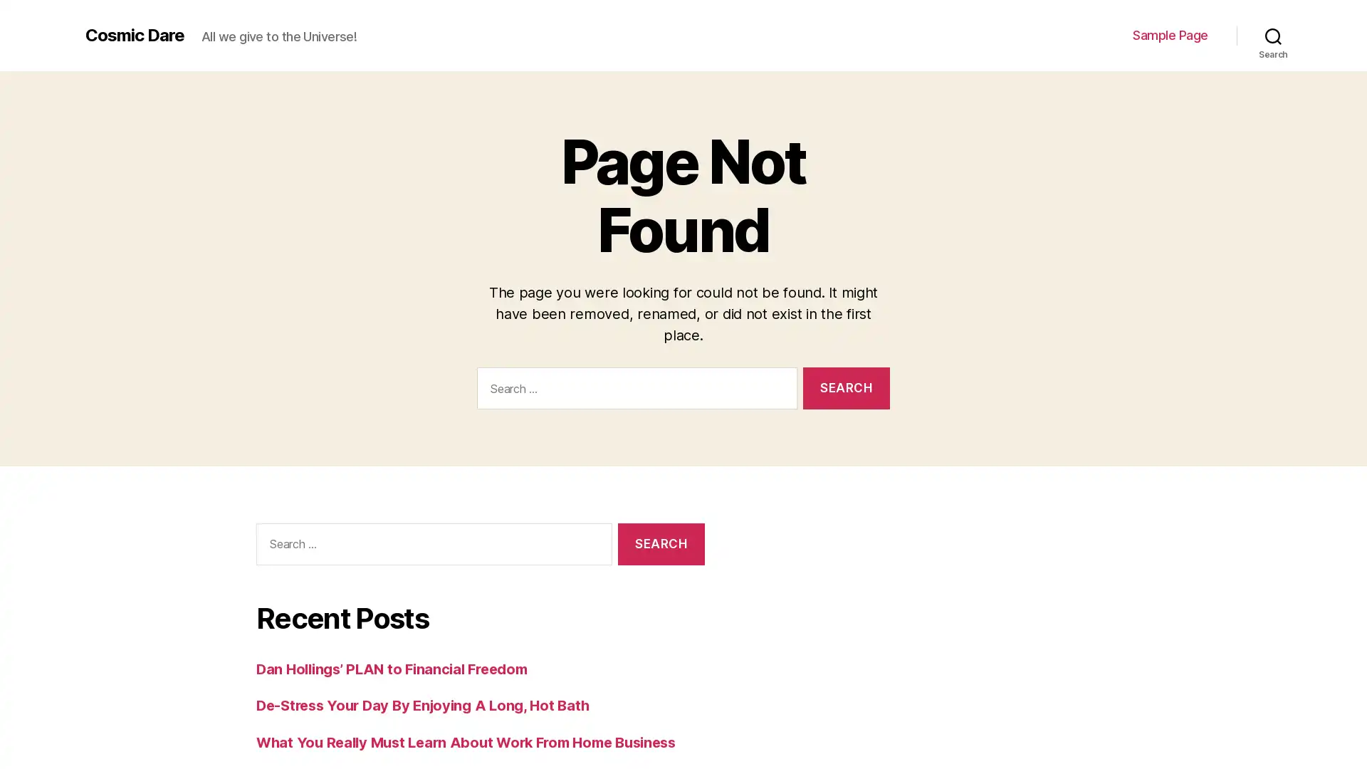 The height and width of the screenshot is (769, 1367). I want to click on Search, so click(1273, 35).